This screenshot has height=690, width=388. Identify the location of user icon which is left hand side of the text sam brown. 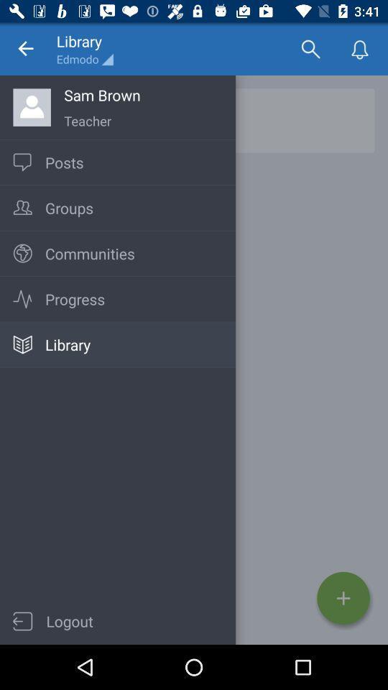
(32, 106).